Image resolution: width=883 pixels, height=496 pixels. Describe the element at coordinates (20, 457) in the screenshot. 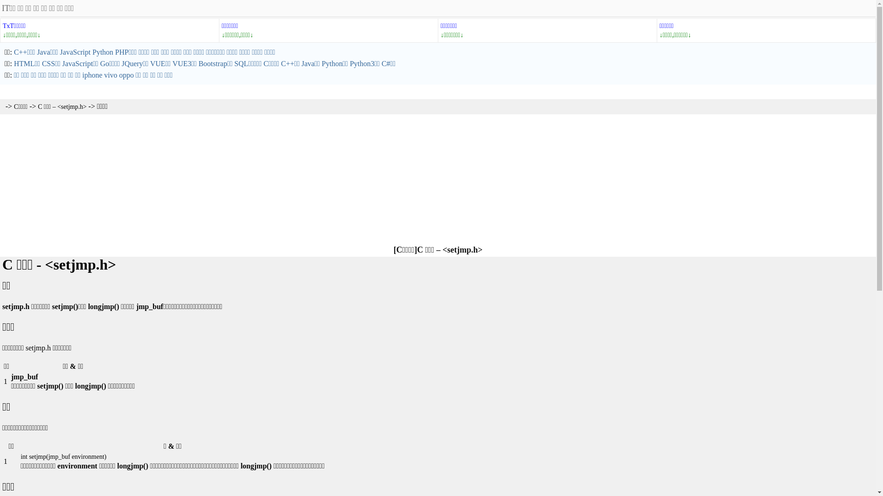

I see `'int setjmp(jmp_buf environment)'` at that location.